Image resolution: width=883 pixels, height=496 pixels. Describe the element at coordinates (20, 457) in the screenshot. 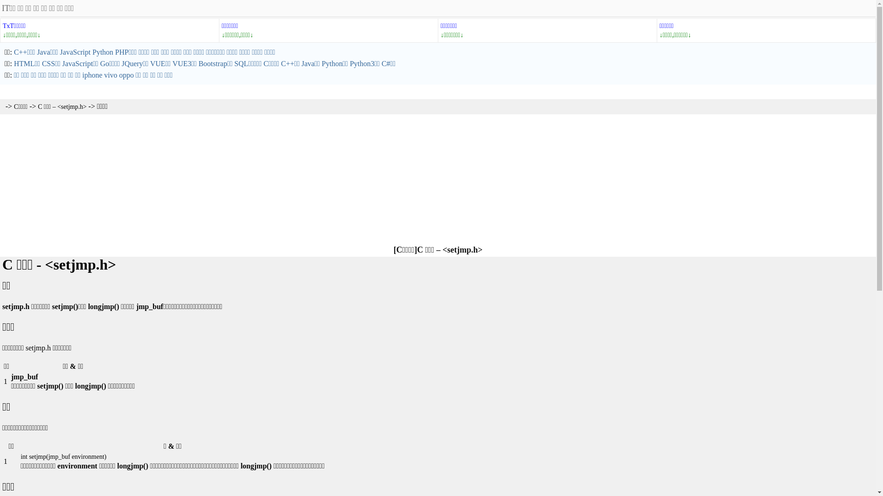

I see `'int setjmp(jmp_buf environment)'` at that location.